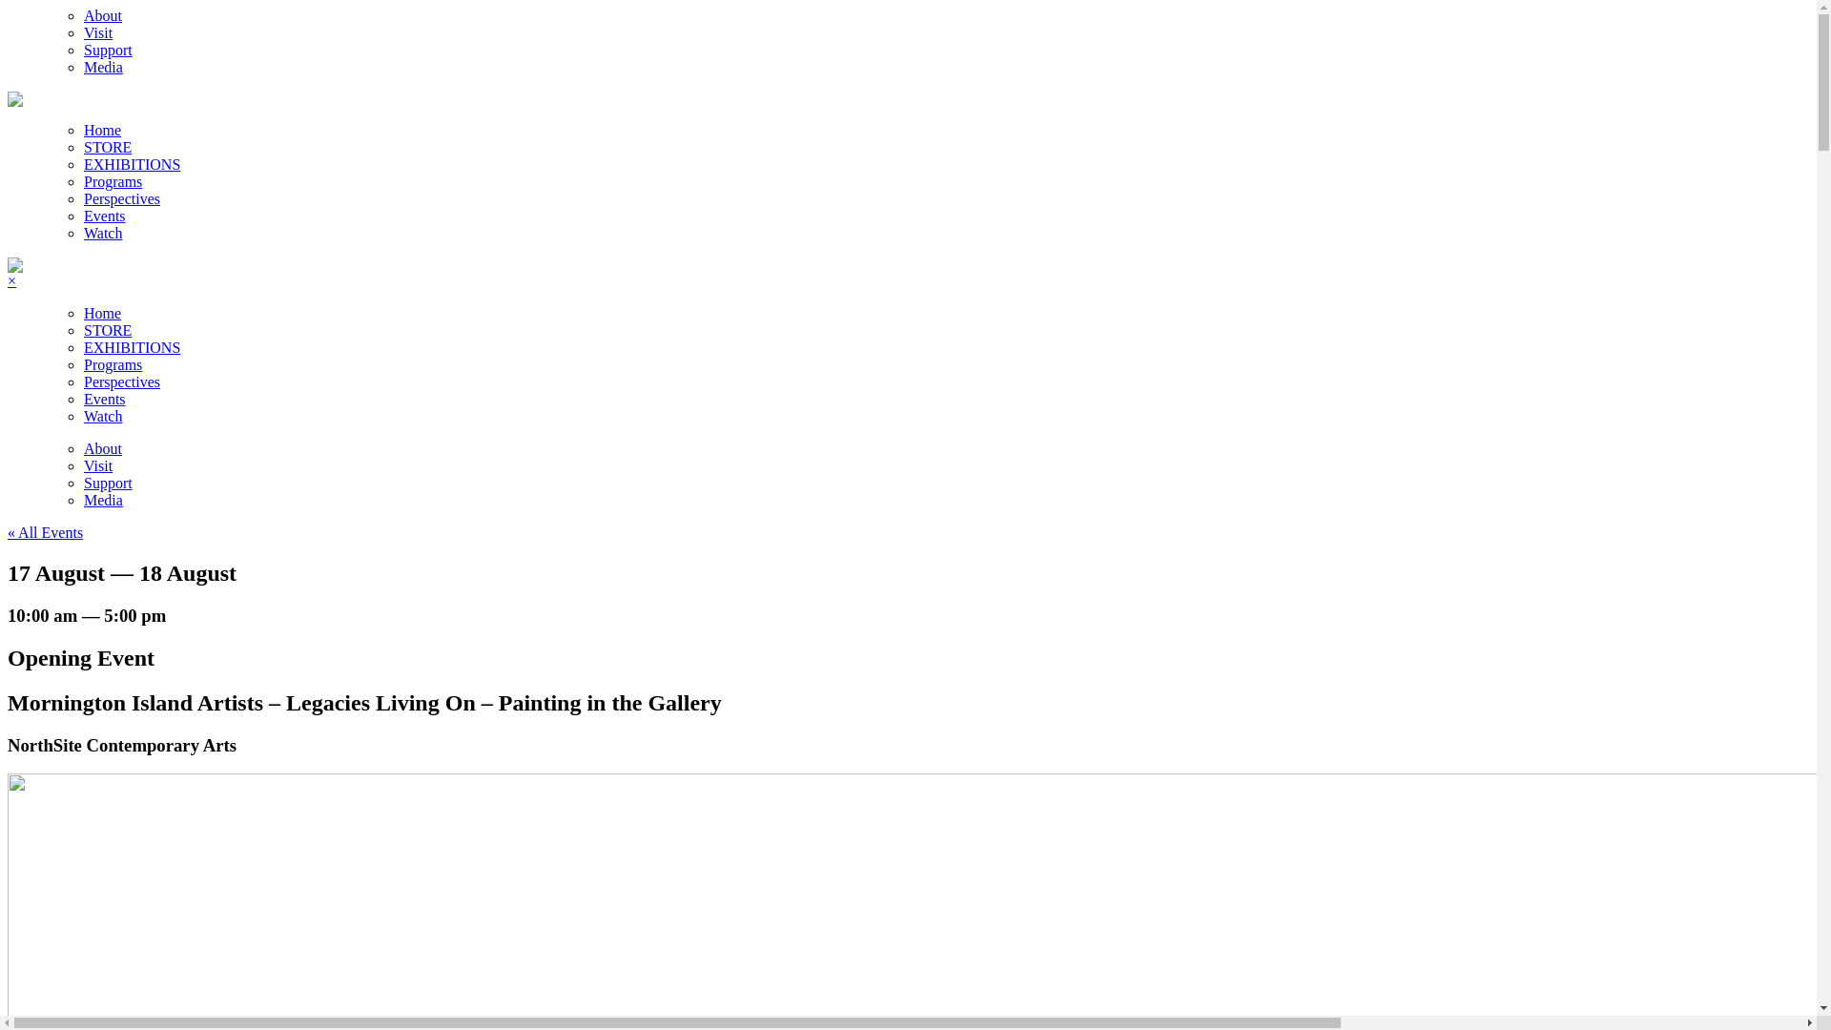 The width and height of the screenshot is (1831, 1030). Describe the element at coordinates (107, 329) in the screenshot. I see `'STORE'` at that location.